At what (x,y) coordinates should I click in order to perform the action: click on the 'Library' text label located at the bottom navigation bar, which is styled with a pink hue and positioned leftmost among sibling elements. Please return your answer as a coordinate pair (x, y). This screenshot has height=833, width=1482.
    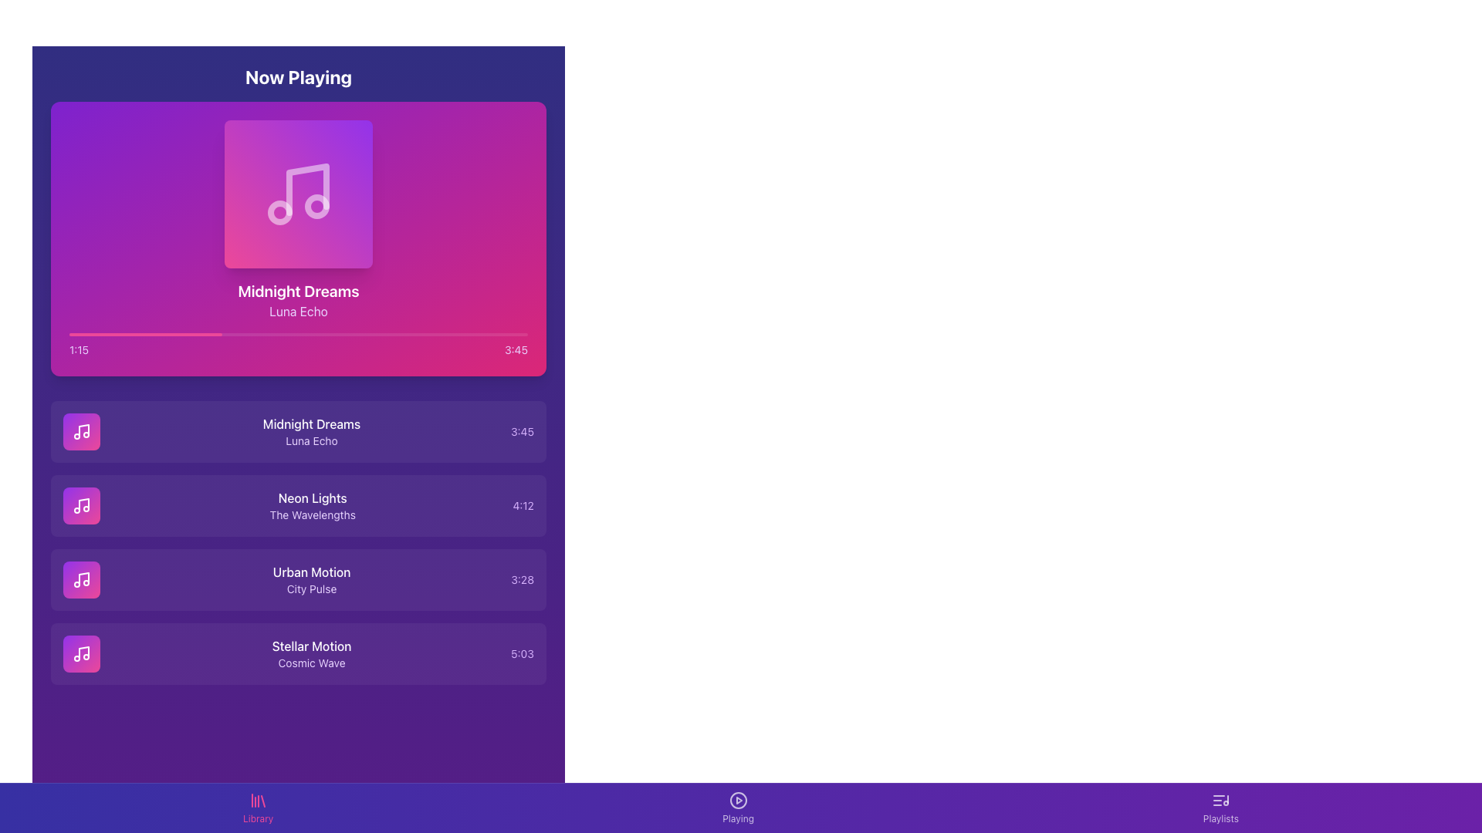
    Looking at the image, I should click on (258, 818).